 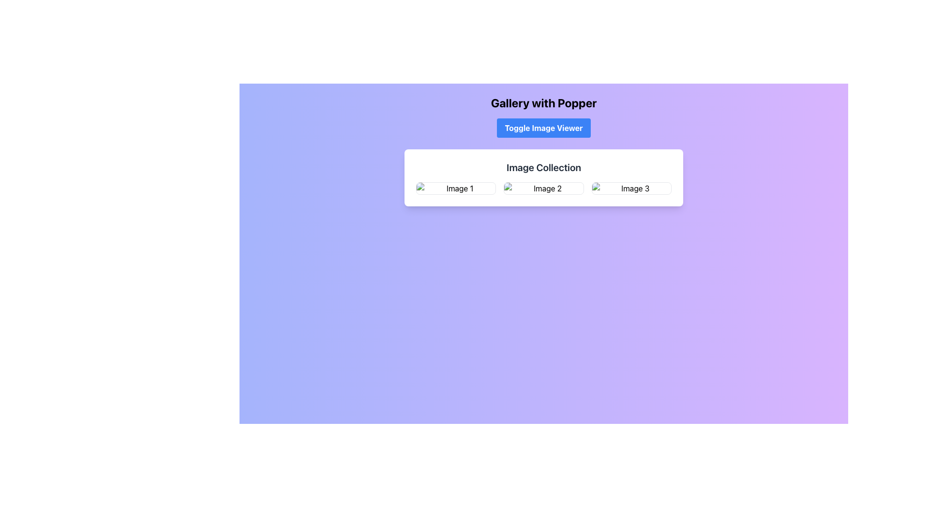 I want to click on the central image 'Image 2' in the Card that showcases a collection of images, so click(x=543, y=177).